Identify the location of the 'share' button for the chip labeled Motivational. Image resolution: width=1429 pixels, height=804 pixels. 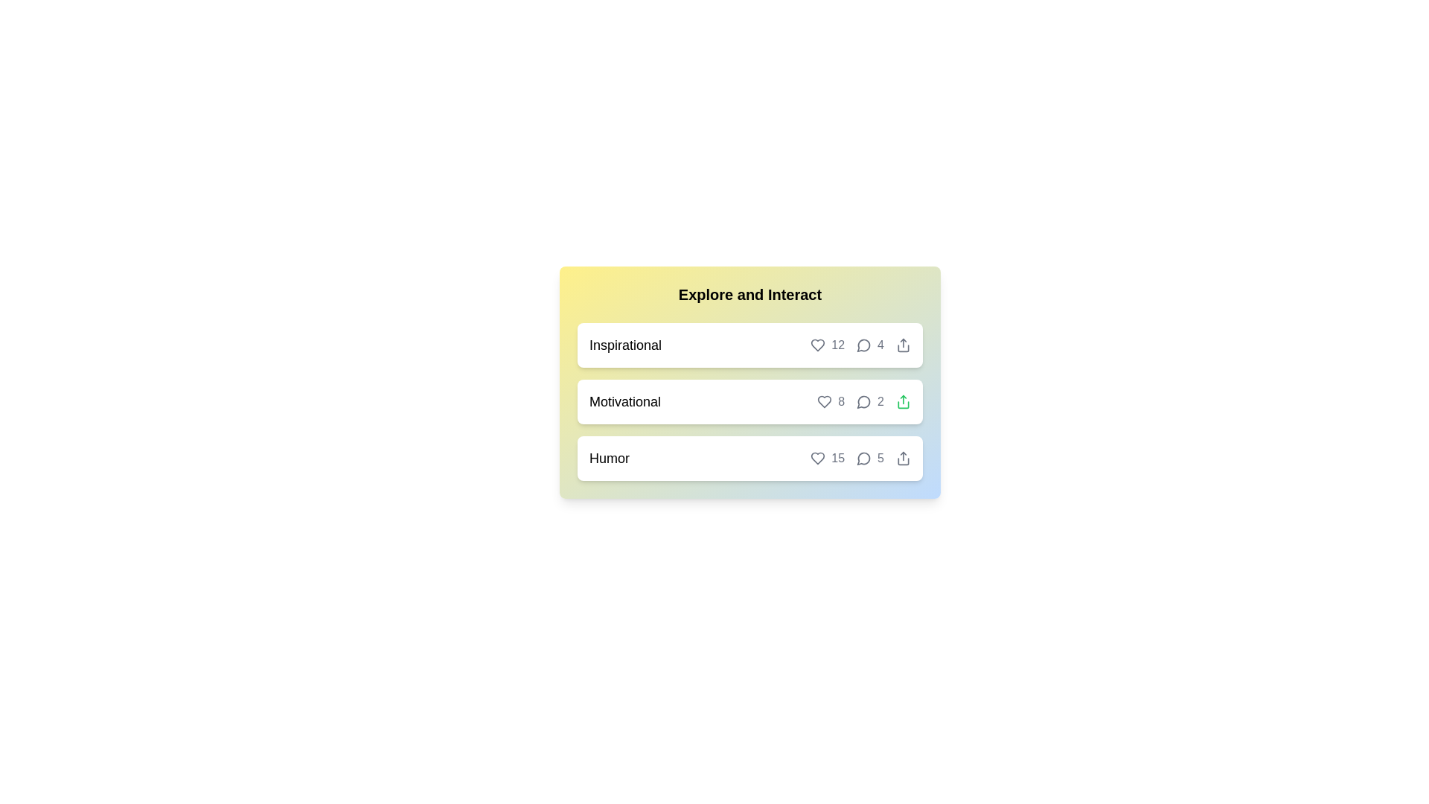
(903, 402).